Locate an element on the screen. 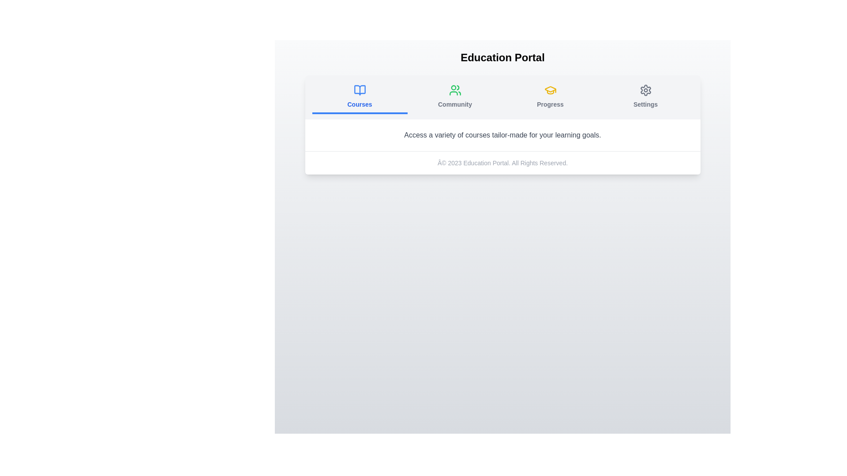 This screenshot has width=847, height=476. the third tab in the navigation menu is located at coordinates (550, 97).